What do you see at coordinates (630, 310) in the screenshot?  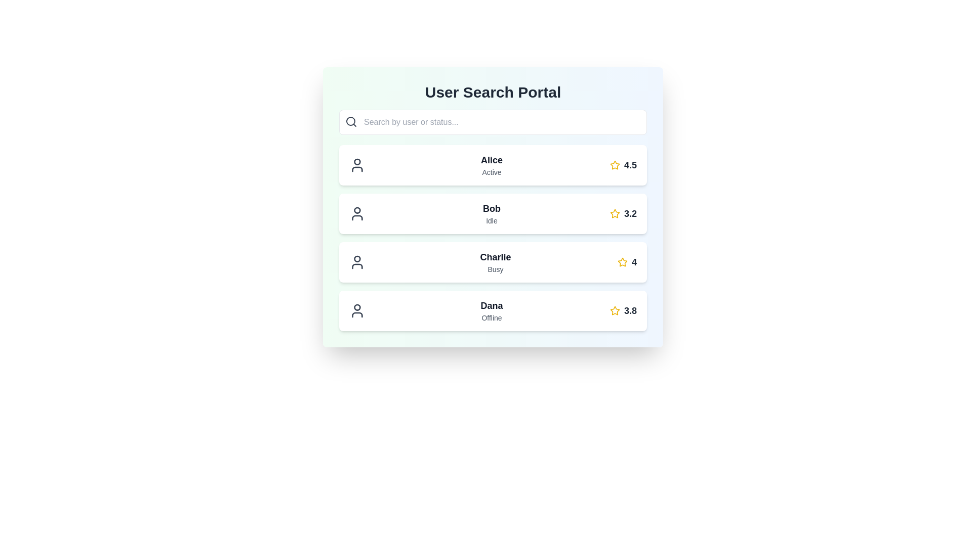 I see `the rating score display in the fourth row of the user list, located to the extreme right of the star icon` at bounding box center [630, 310].